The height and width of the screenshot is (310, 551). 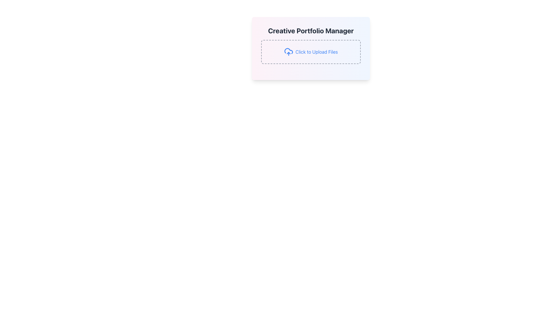 I want to click on the 'Click to Upload Files' button, which is styled in blue and has a cloud upload icon to its left, to change its color, so click(x=311, y=52).